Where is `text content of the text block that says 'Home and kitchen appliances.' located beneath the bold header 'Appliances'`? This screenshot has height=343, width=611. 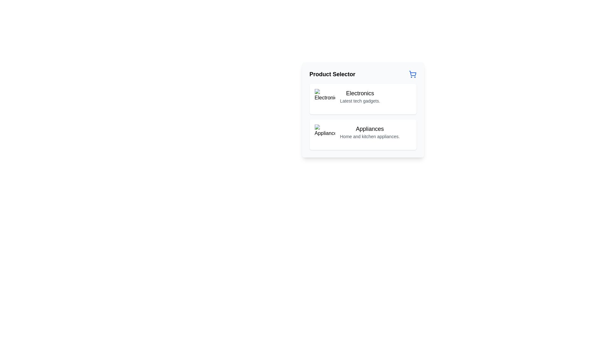 text content of the text block that says 'Home and kitchen appliances.' located beneath the bold header 'Appliances' is located at coordinates (370, 136).